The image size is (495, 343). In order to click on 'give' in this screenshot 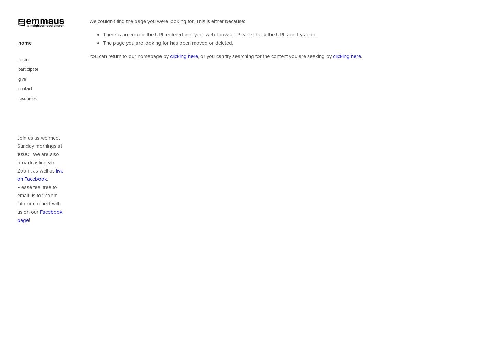, I will do `click(17, 78)`.